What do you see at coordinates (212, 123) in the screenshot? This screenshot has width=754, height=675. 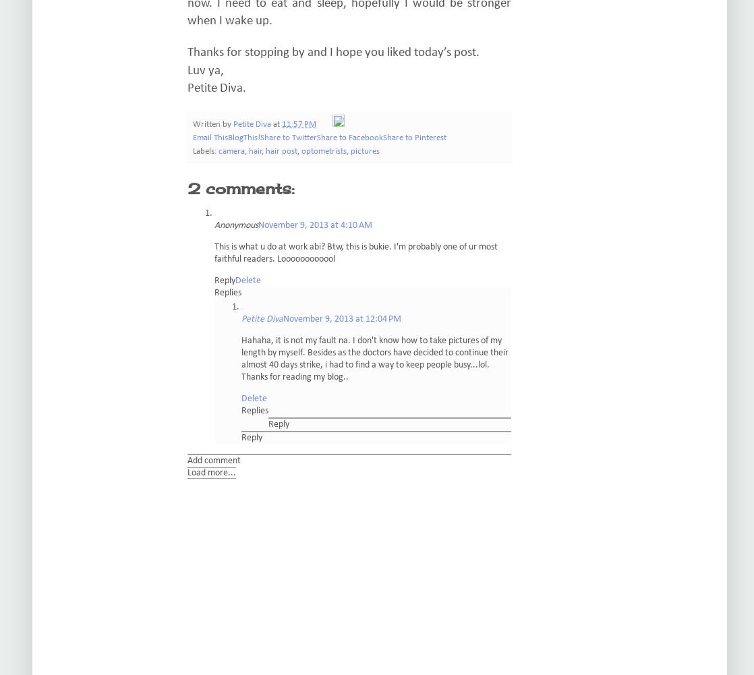 I see `'Written by'` at bounding box center [212, 123].